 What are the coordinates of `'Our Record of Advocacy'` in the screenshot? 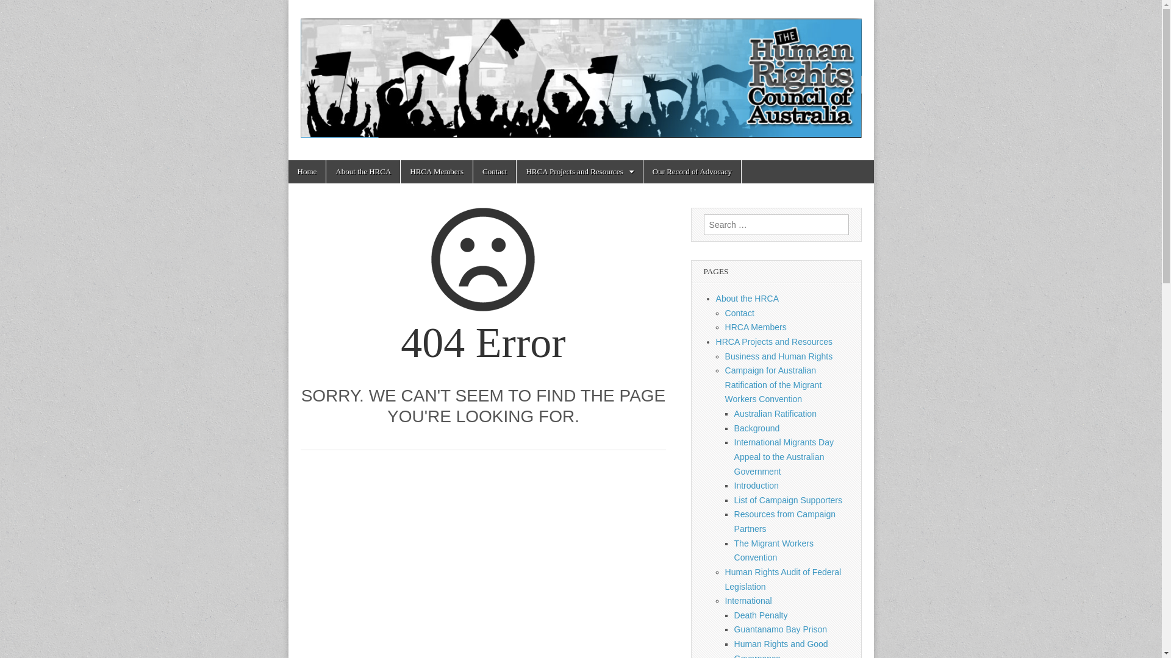 It's located at (692, 171).